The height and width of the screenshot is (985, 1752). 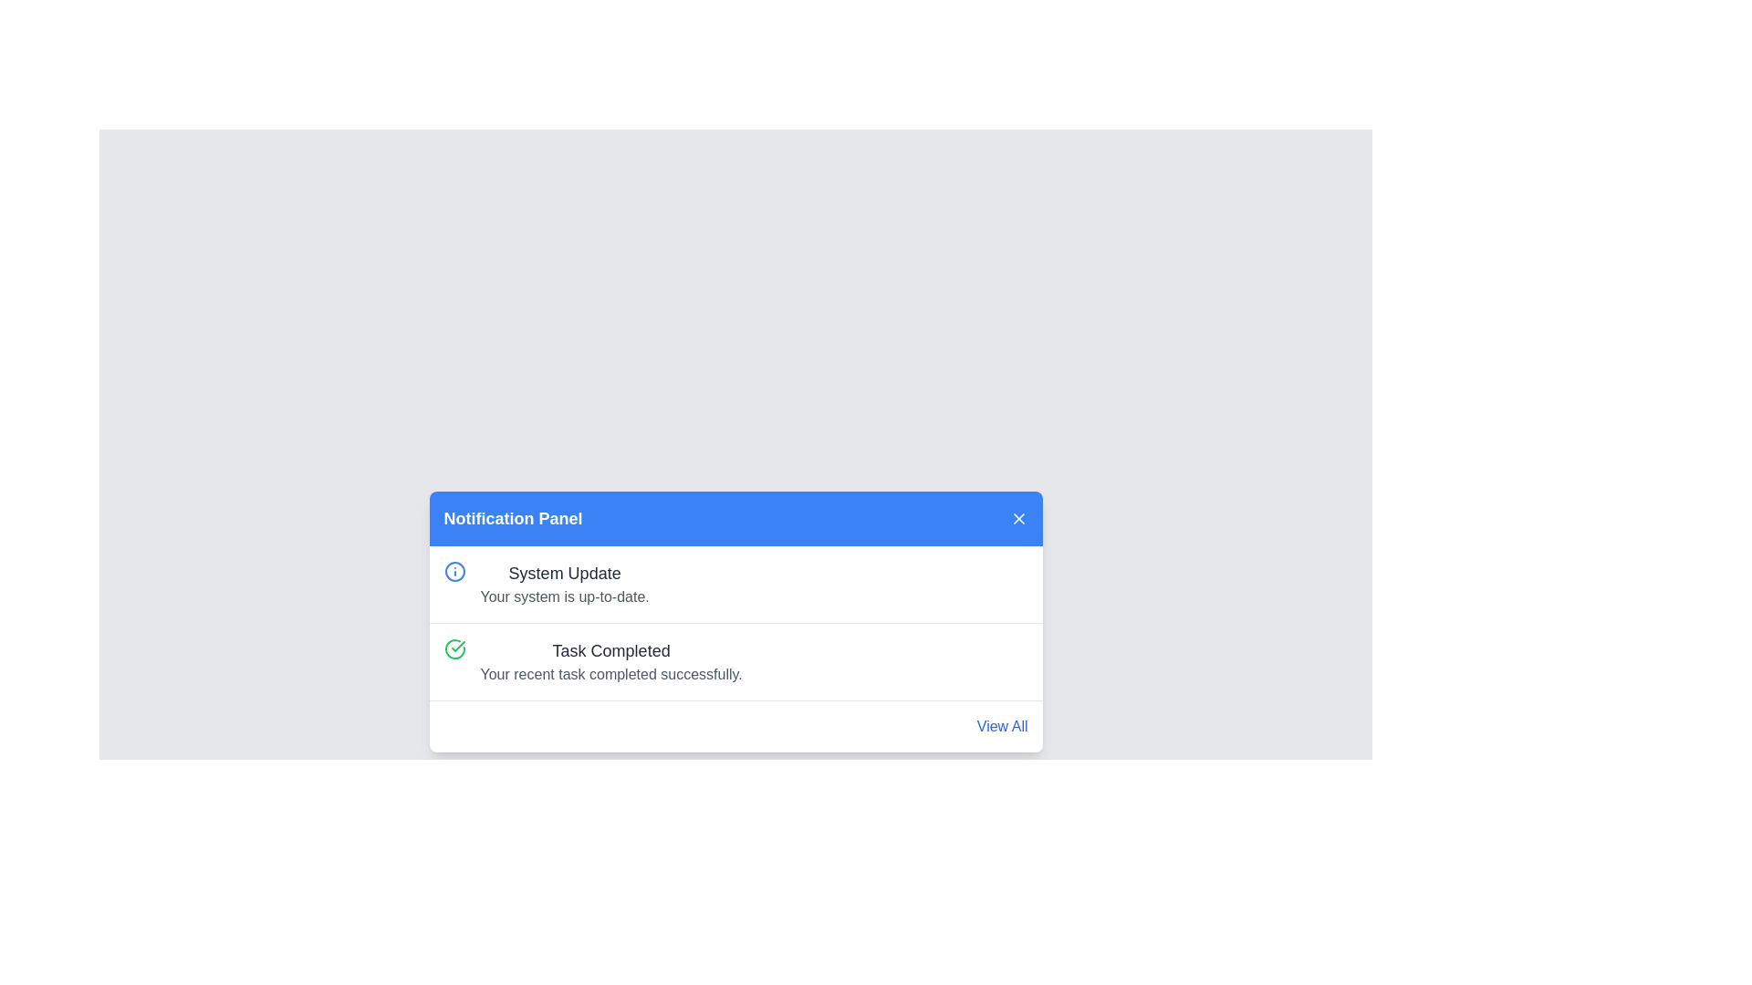 I want to click on the 'View All' hyperlink located at the bottom-right corner of the Notification Panel, so click(x=1001, y=726).